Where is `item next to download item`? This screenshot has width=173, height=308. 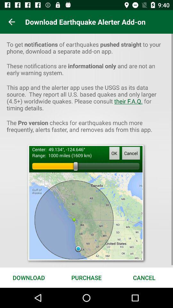
item next to download item is located at coordinates (86, 277).